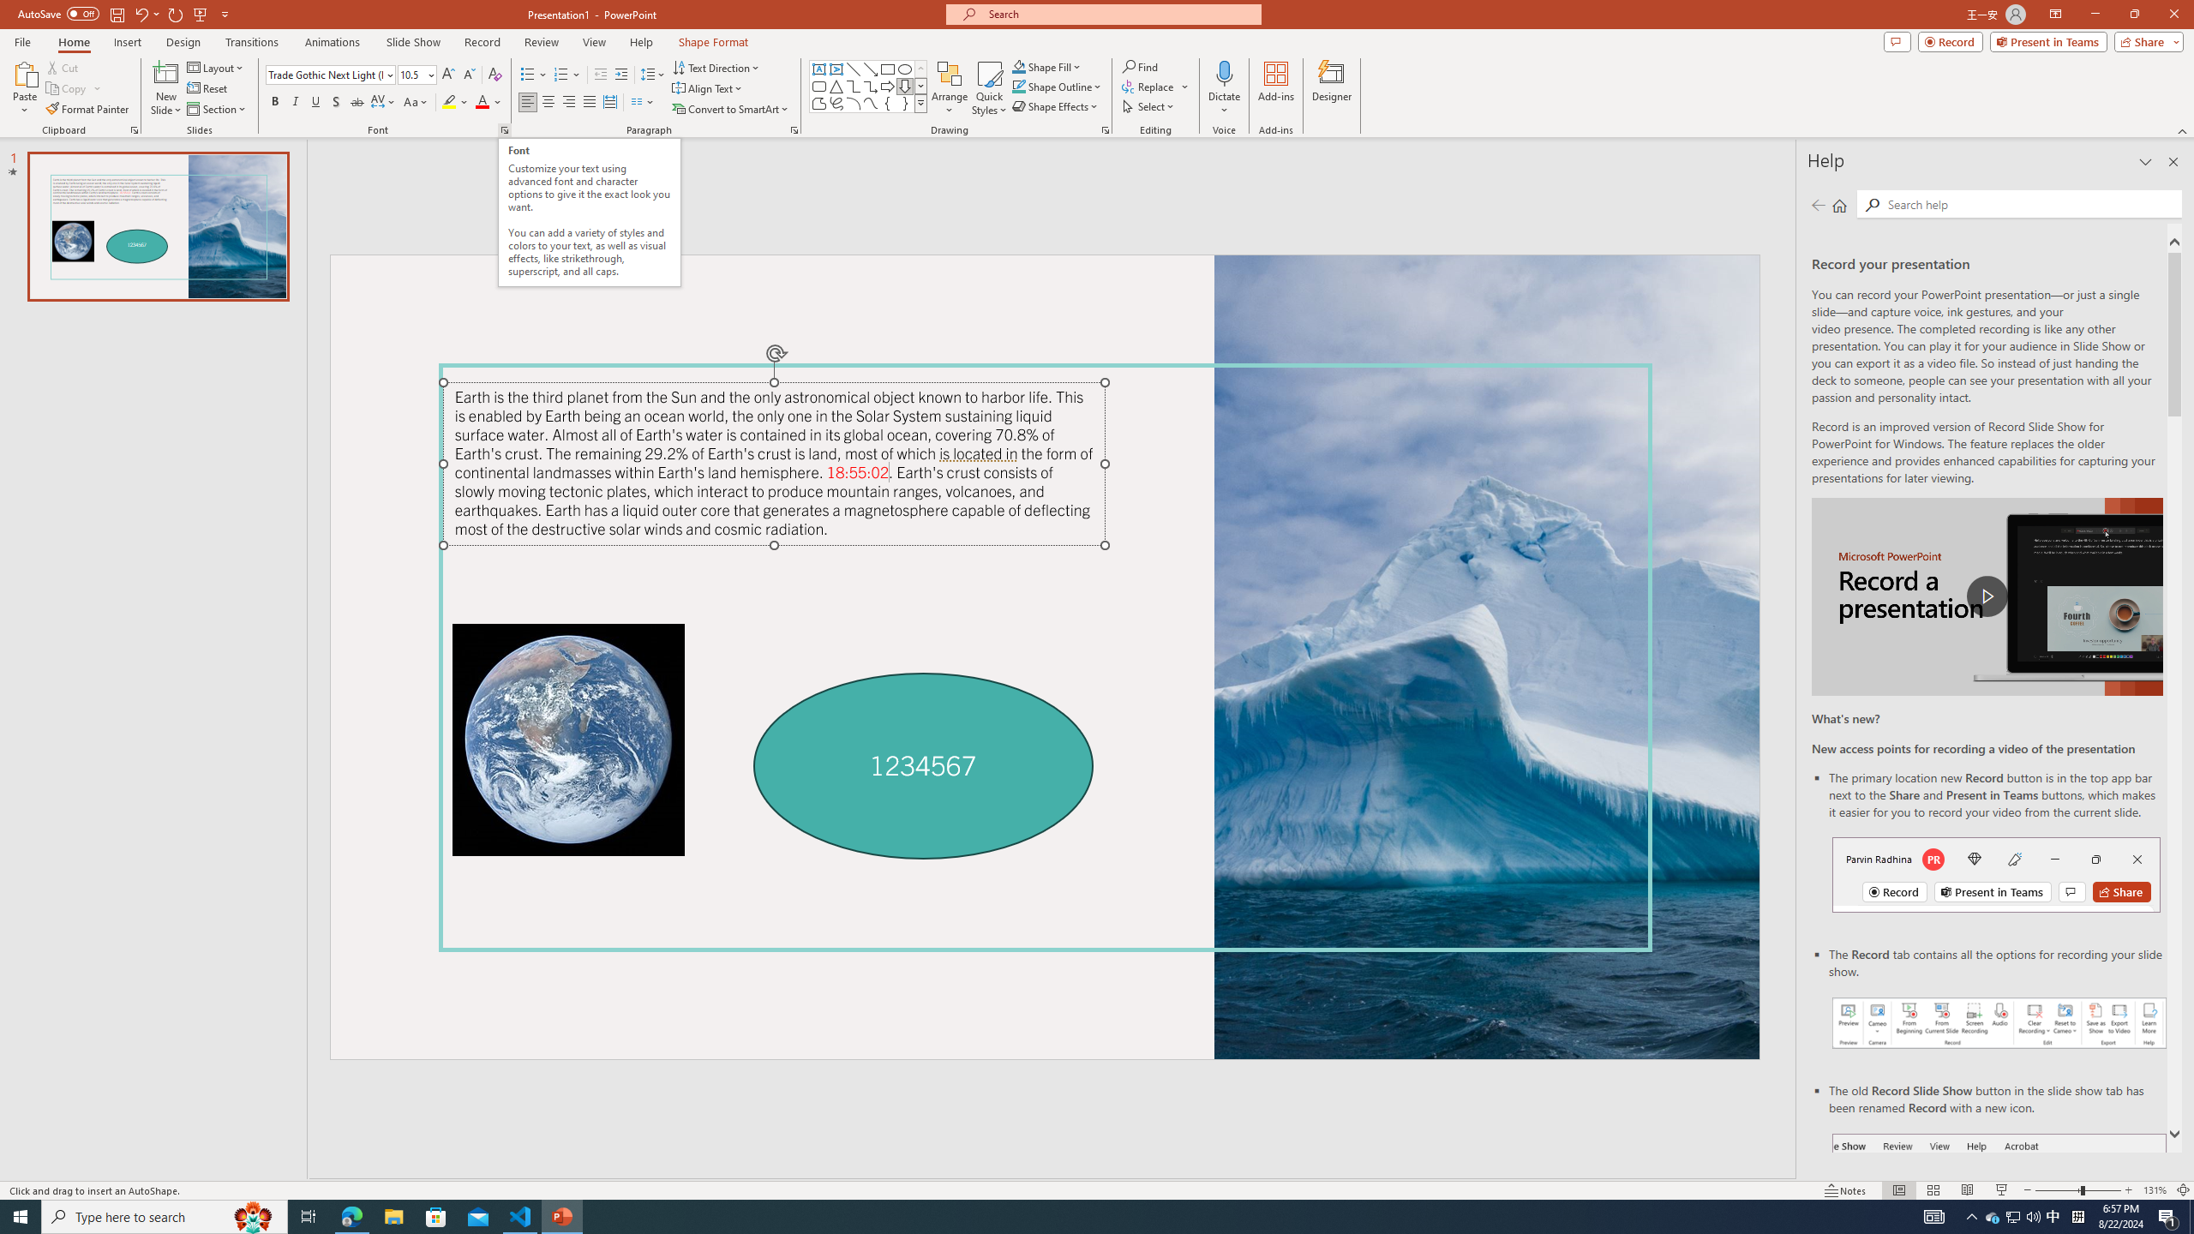 The height and width of the screenshot is (1234, 2194). I want to click on 'Paste', so click(24, 72).